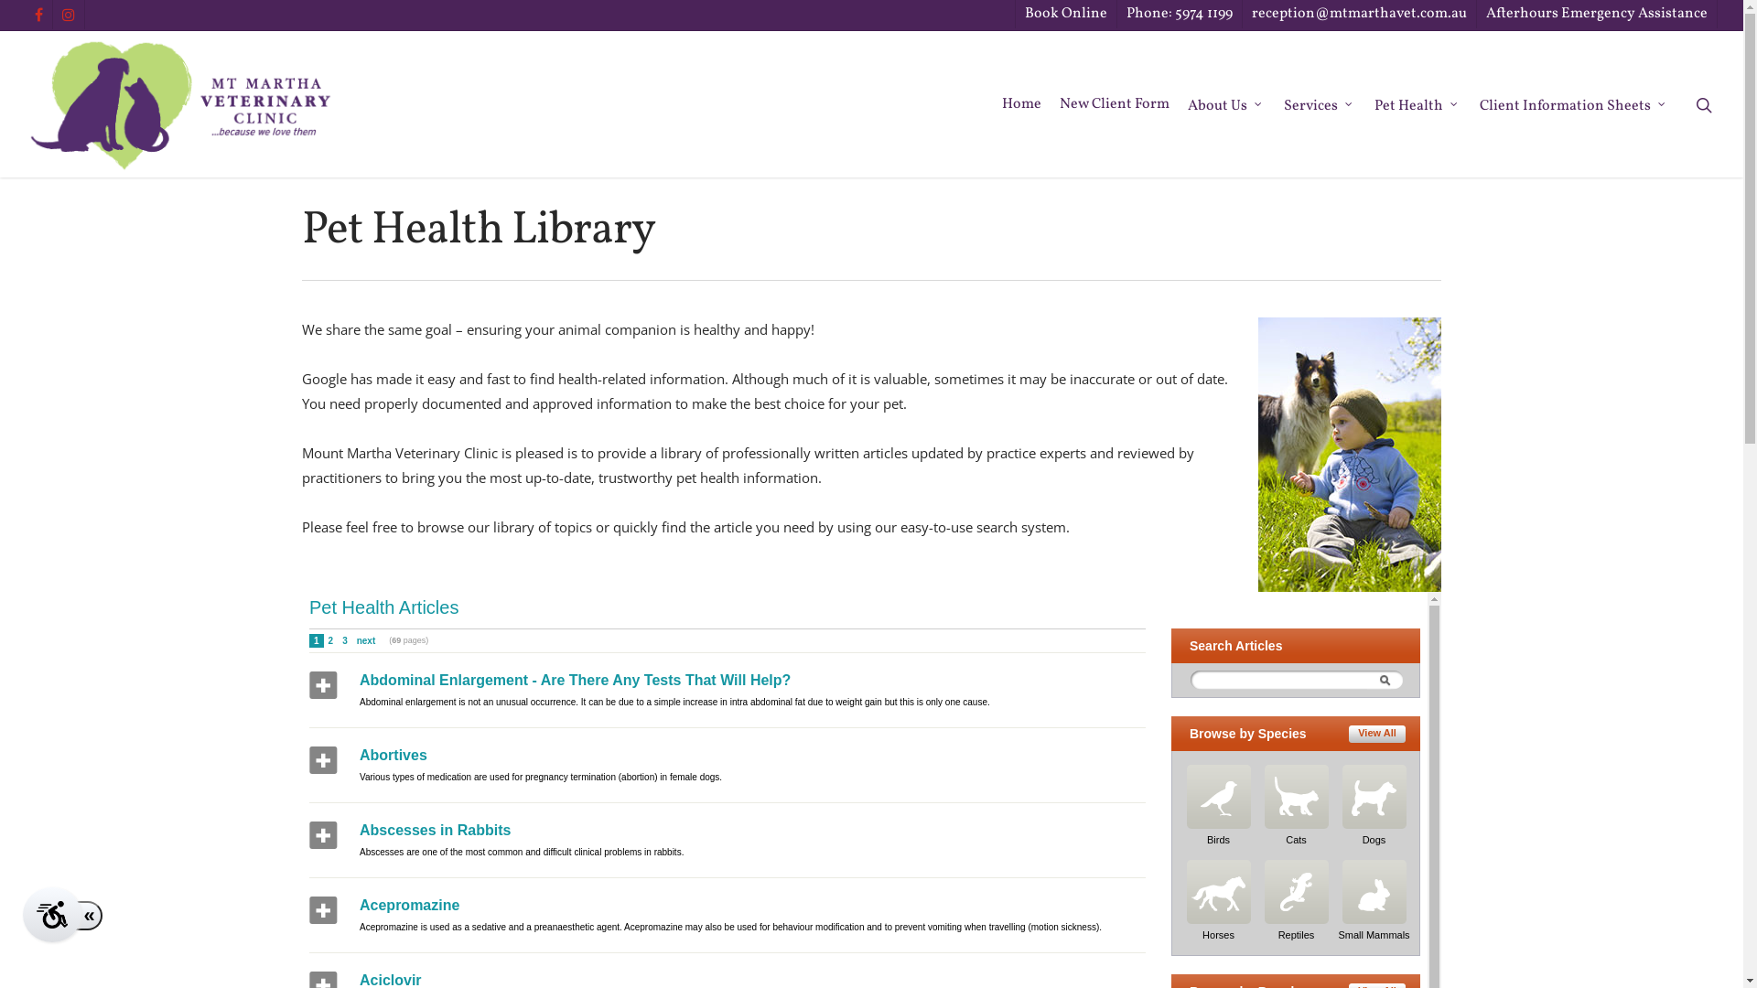  I want to click on 'Switch to accessible version of site', so click(52, 914).